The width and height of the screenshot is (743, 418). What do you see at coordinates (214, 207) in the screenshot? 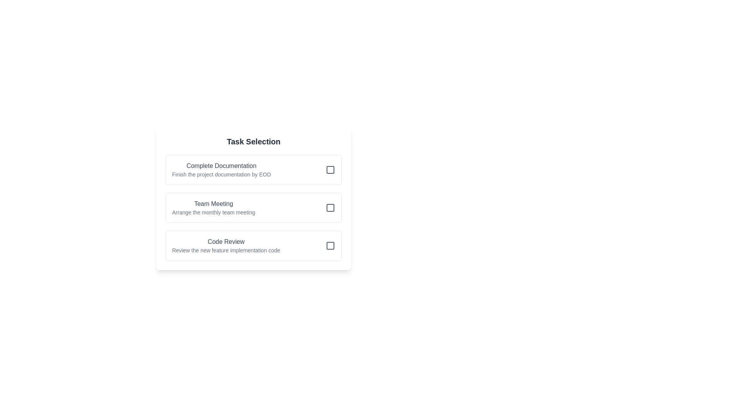
I see `the Text block representing a team meeting task, which is the second item in a vertical list between 'Complete Documentation' and 'Code Review'` at bounding box center [214, 207].